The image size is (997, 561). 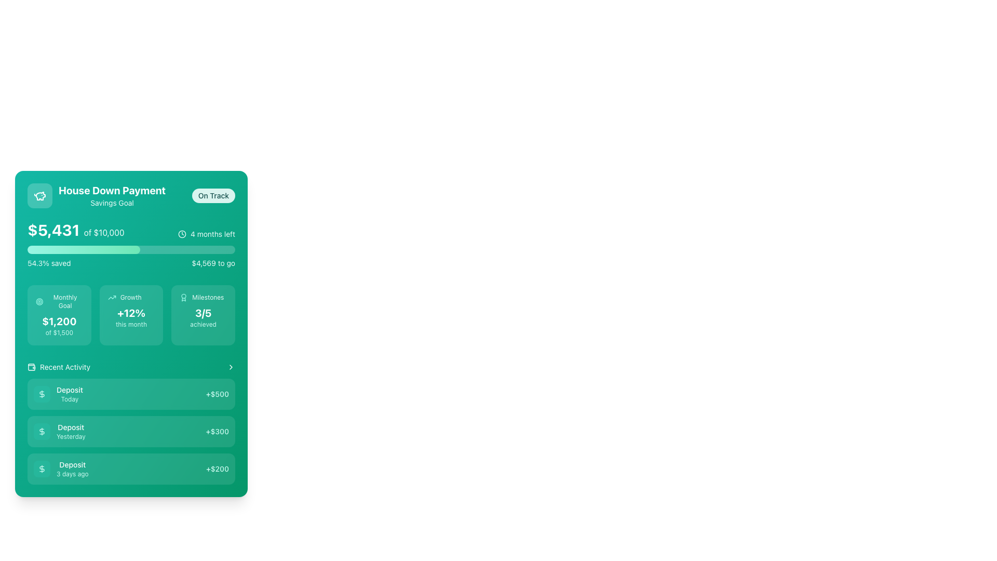 I want to click on the Text block indicating the activity performed 'Yesterday' in the 'Recent Activity' list, which consists of a bold title 'Deposit' and a subtitle 'Yesterday', so click(x=70, y=431).